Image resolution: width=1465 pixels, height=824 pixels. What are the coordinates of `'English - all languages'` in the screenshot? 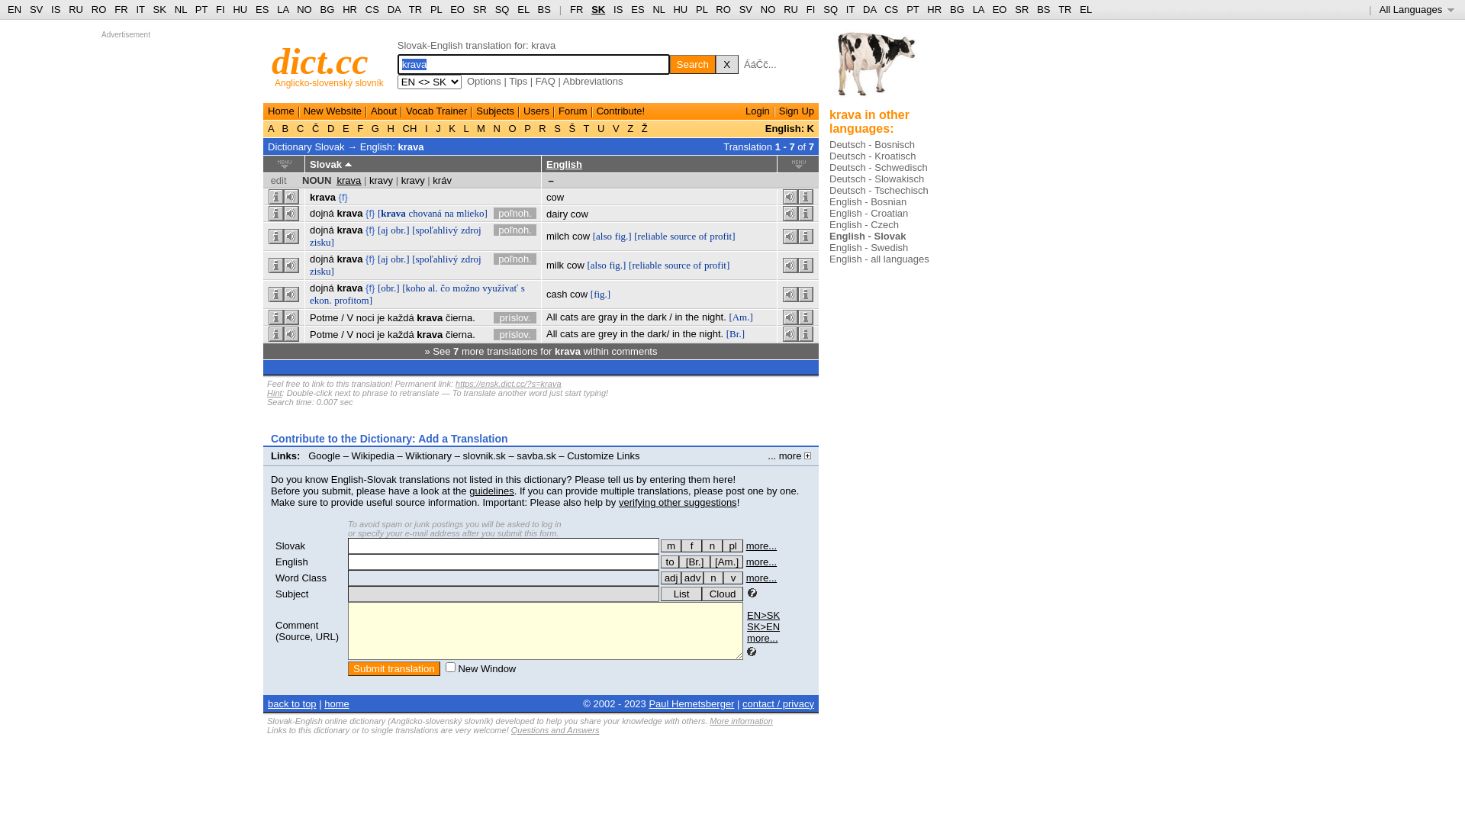 It's located at (879, 258).